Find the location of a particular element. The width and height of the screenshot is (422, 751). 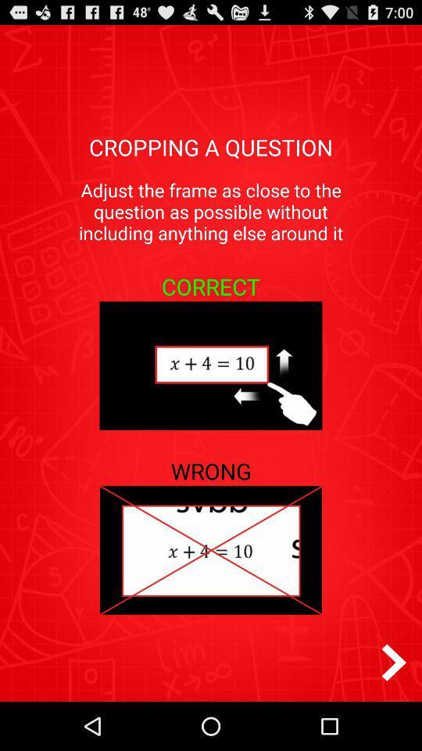

the arrow_forward icon is located at coordinates (393, 709).